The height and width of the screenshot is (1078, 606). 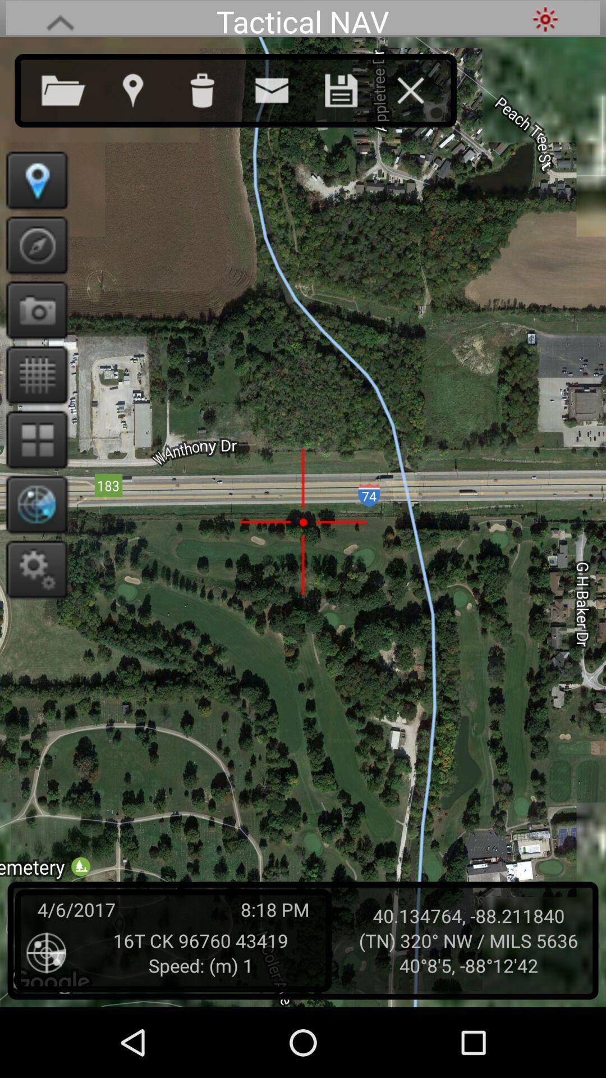 What do you see at coordinates (352, 88) in the screenshot?
I see `save` at bounding box center [352, 88].